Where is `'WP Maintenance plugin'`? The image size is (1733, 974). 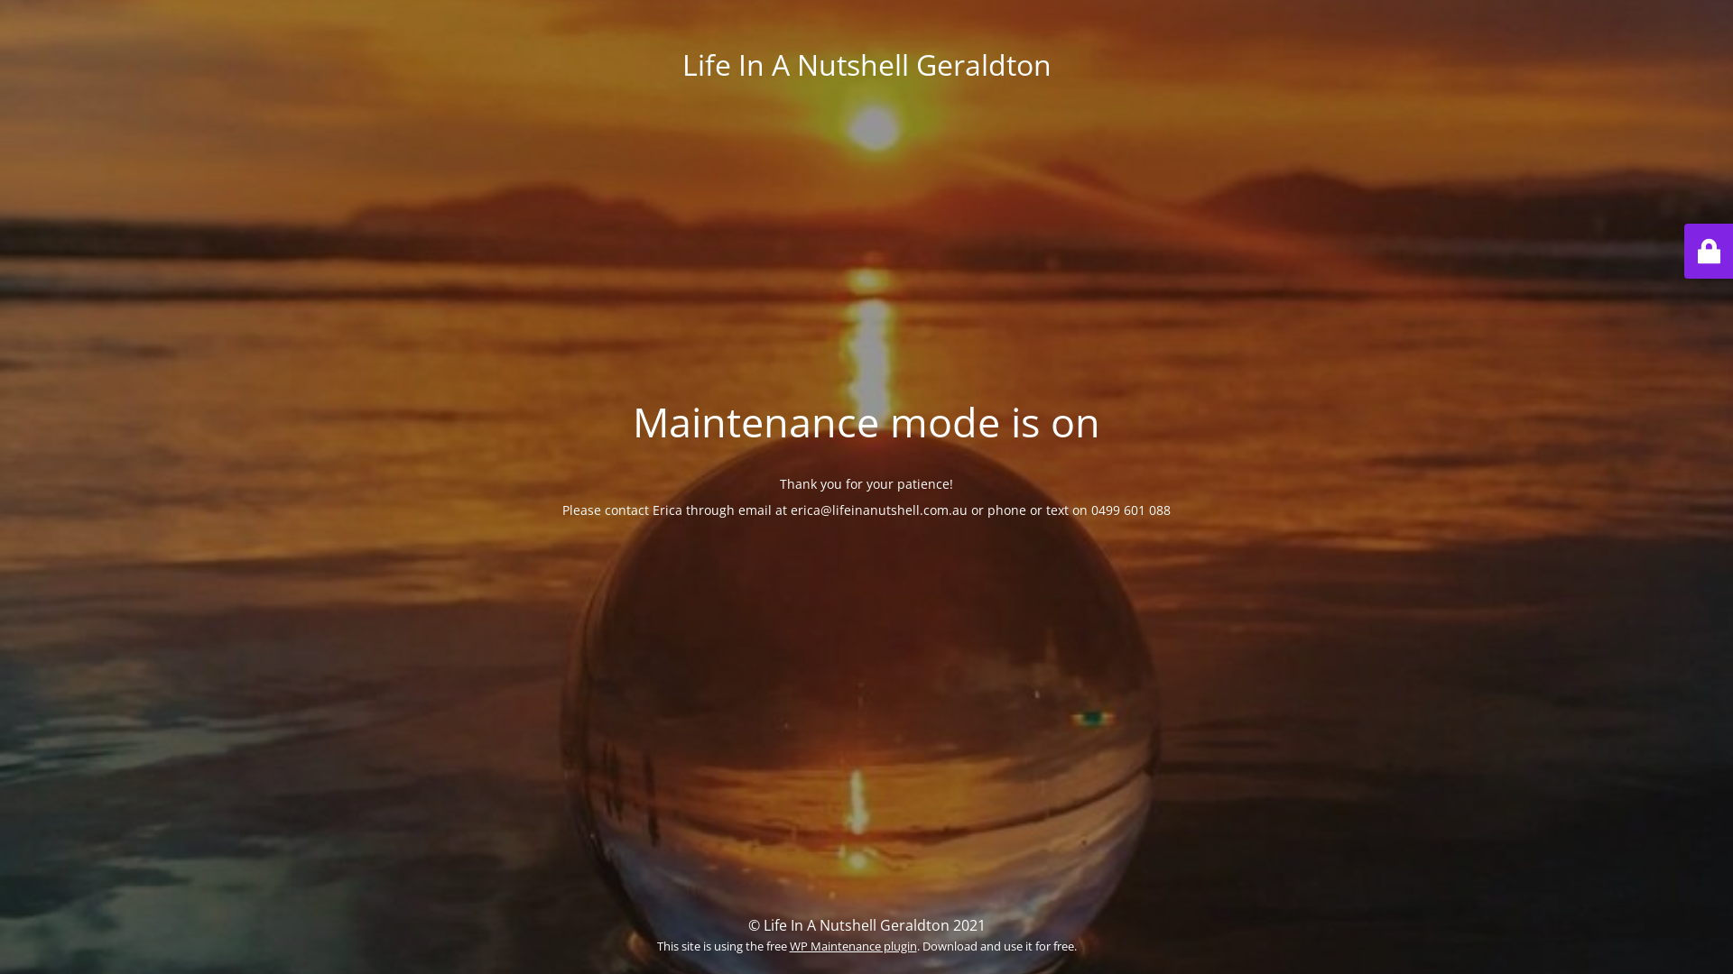
'WP Maintenance plugin' is located at coordinates (851, 945).